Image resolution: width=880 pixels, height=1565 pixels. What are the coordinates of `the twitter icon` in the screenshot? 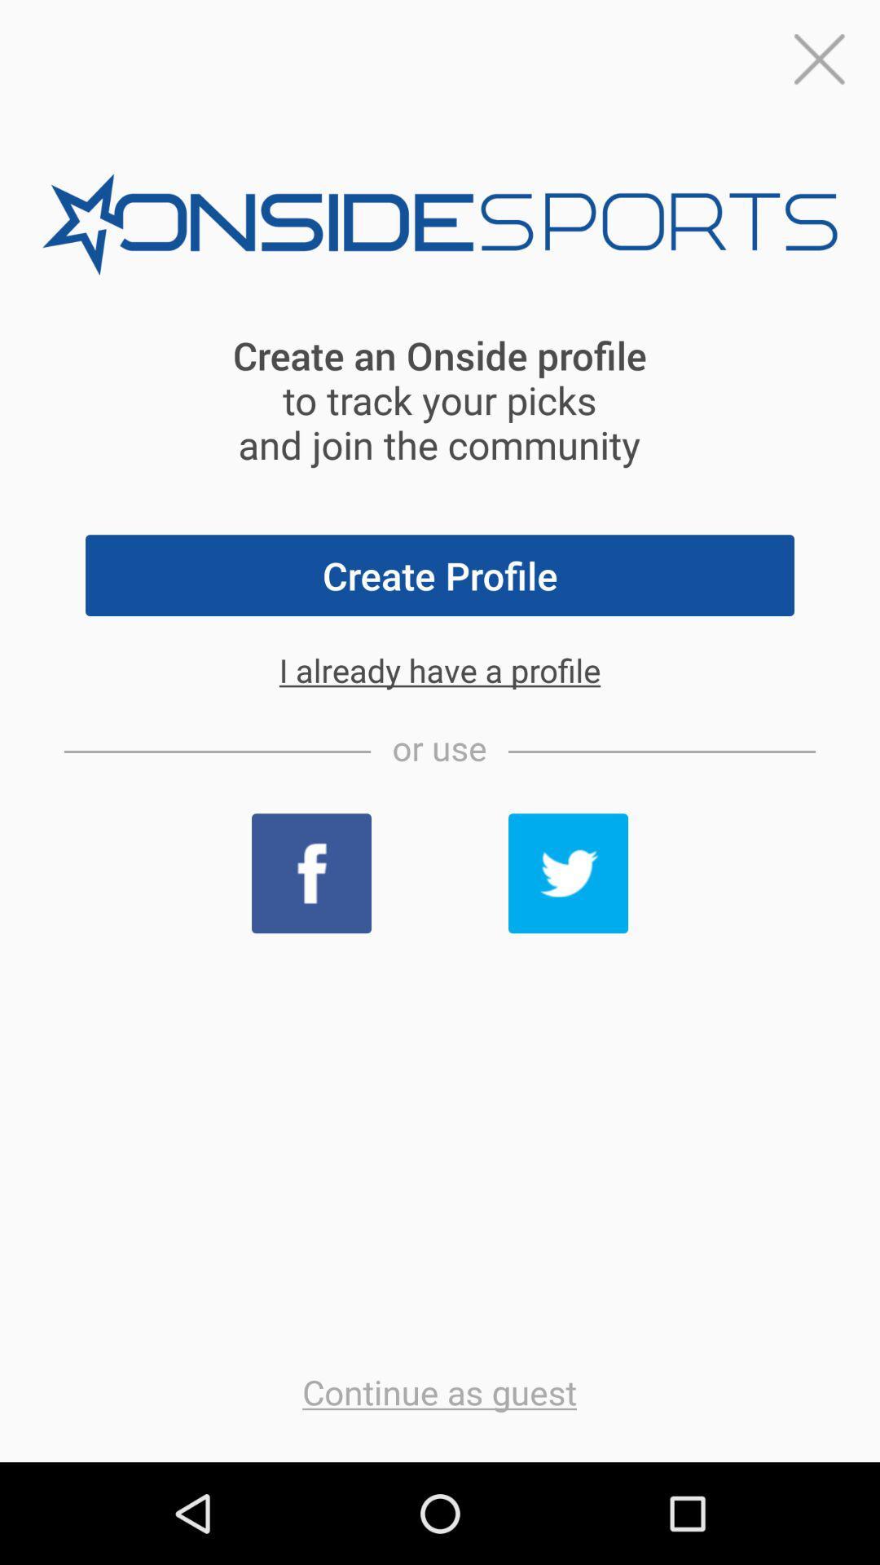 It's located at (567, 935).